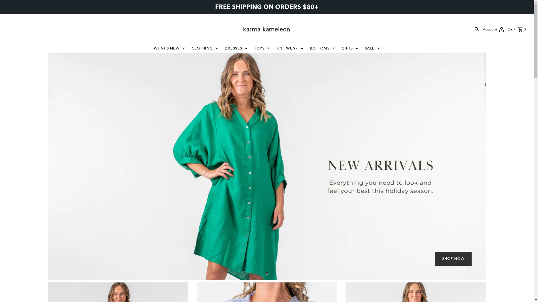 This screenshot has height=302, width=538. Describe the element at coordinates (169, 48) in the screenshot. I see `'WHAT'S NEW'` at that location.